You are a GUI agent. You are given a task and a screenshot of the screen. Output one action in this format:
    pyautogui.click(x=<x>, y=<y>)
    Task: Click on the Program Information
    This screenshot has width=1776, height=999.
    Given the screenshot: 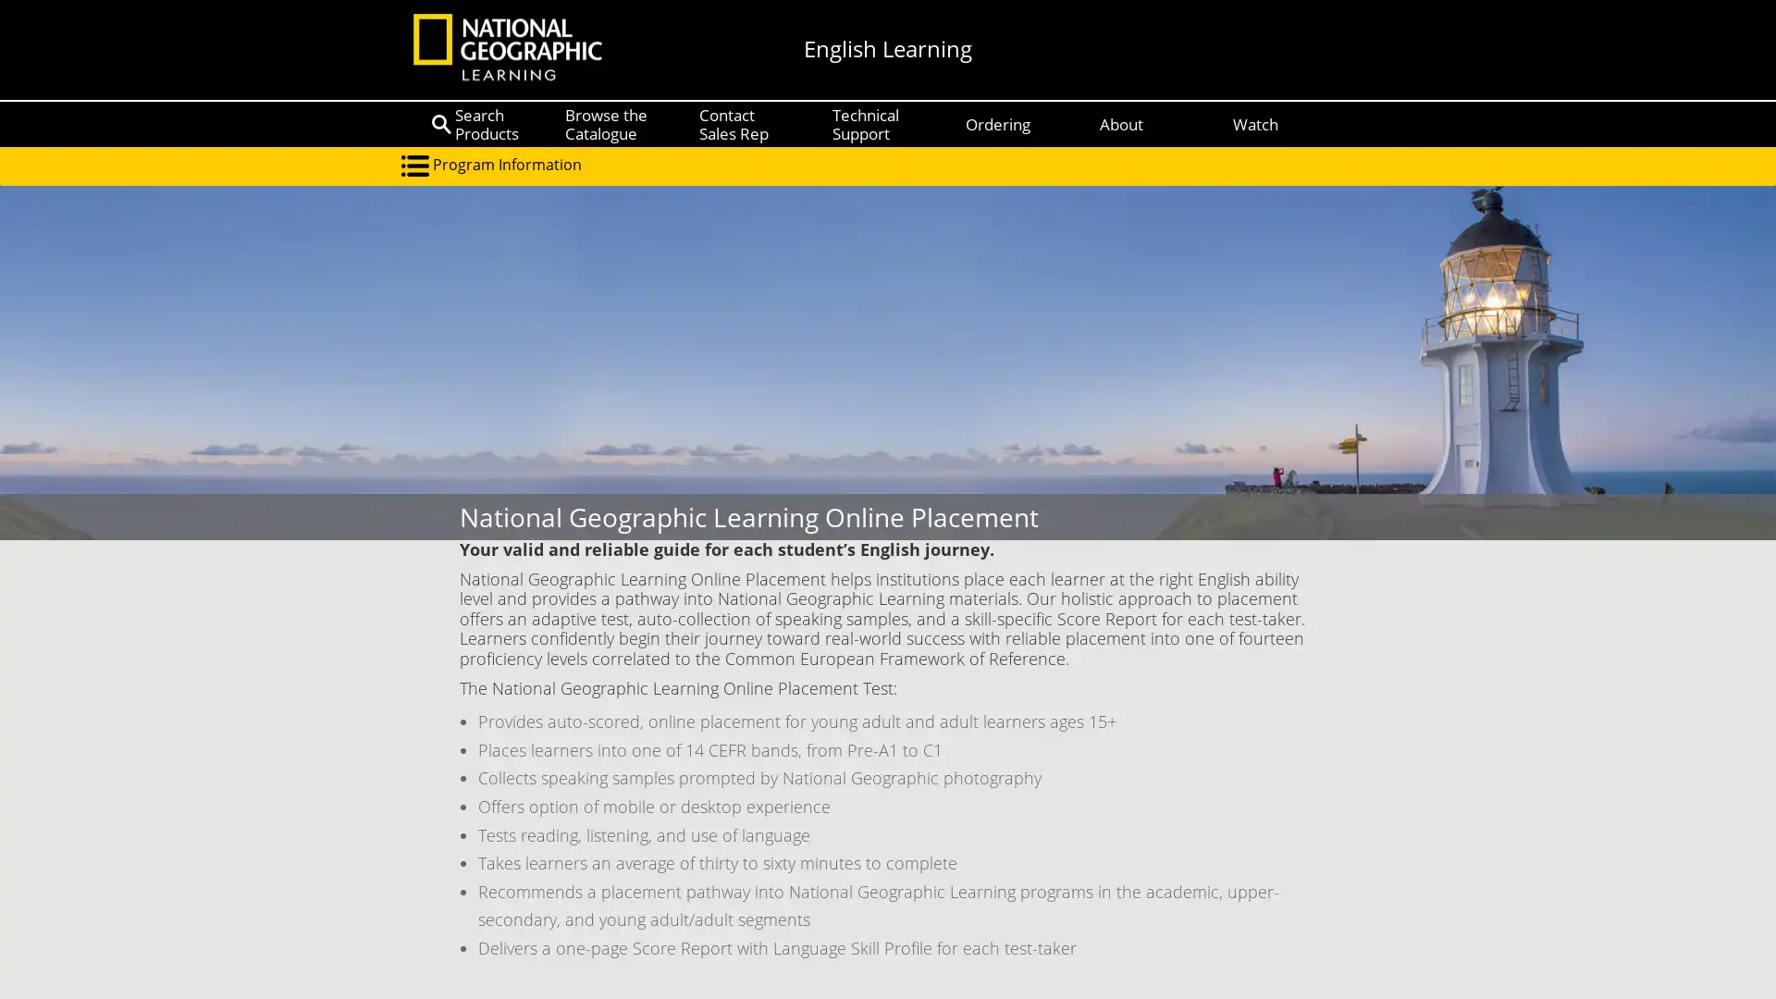 What is the action you would take?
    pyautogui.click(x=491, y=163)
    